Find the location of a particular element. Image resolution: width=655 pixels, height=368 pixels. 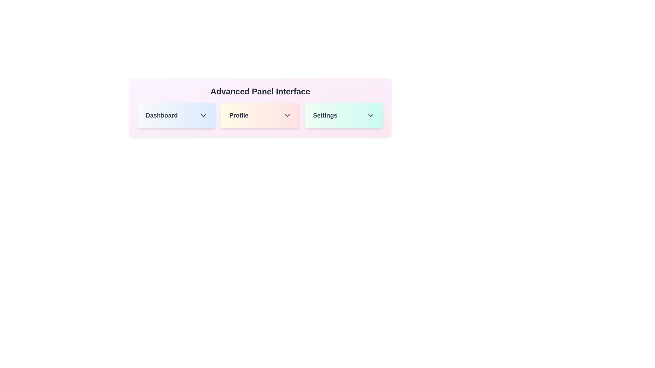

the grid item corresponding to Dashboard to expand it is located at coordinates (176, 115).